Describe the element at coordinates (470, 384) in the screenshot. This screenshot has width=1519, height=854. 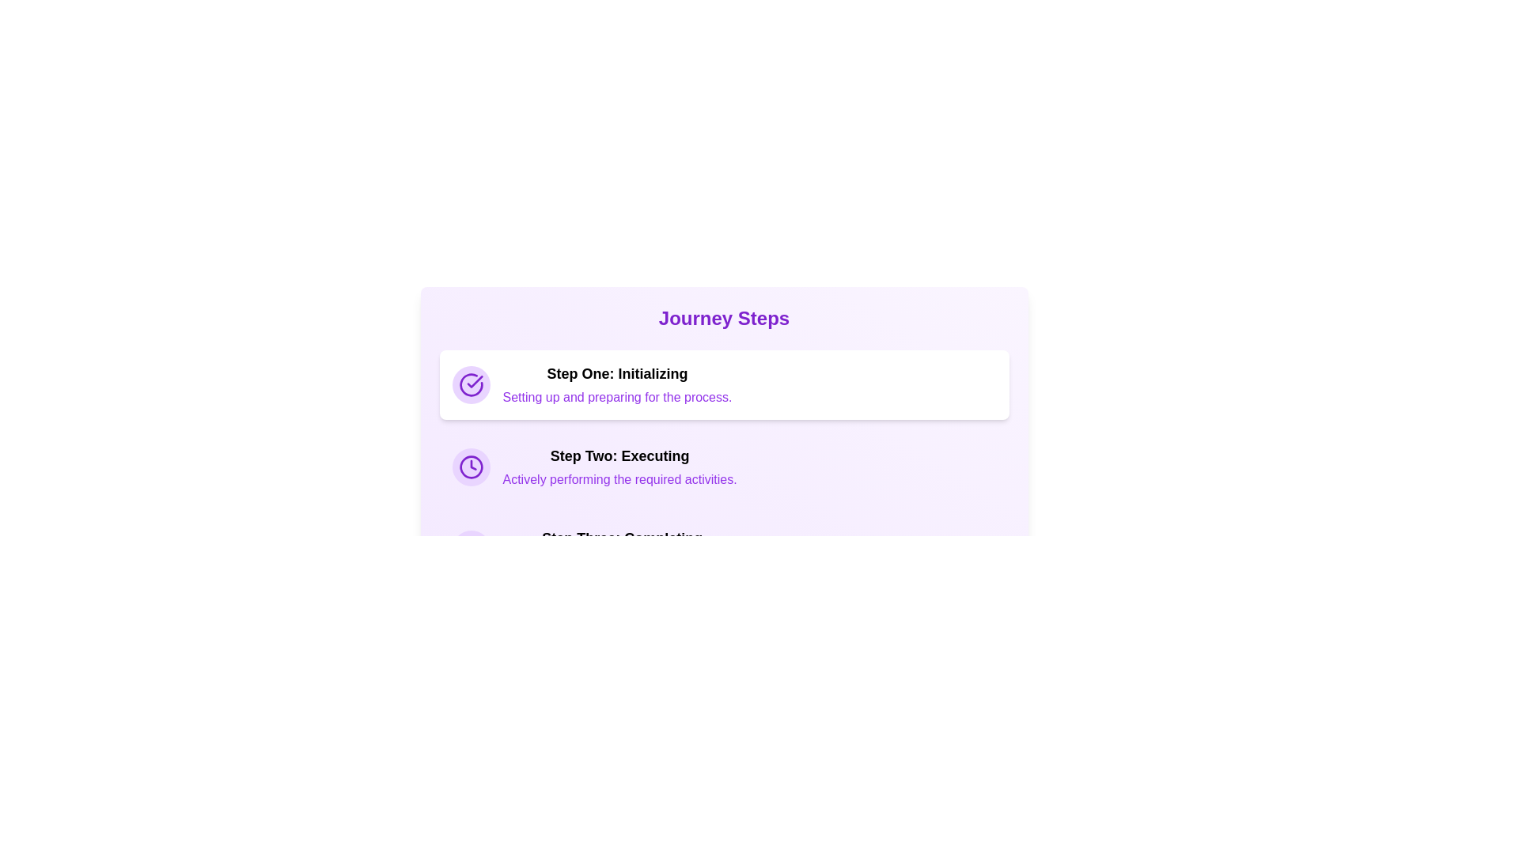
I see `the upper curved segment of the circular graphical icon (arc segment) that is styled with a bold purple stroke, located to the left of the text 'Step One: Initializing' in the 'Journey Steps' section` at that location.